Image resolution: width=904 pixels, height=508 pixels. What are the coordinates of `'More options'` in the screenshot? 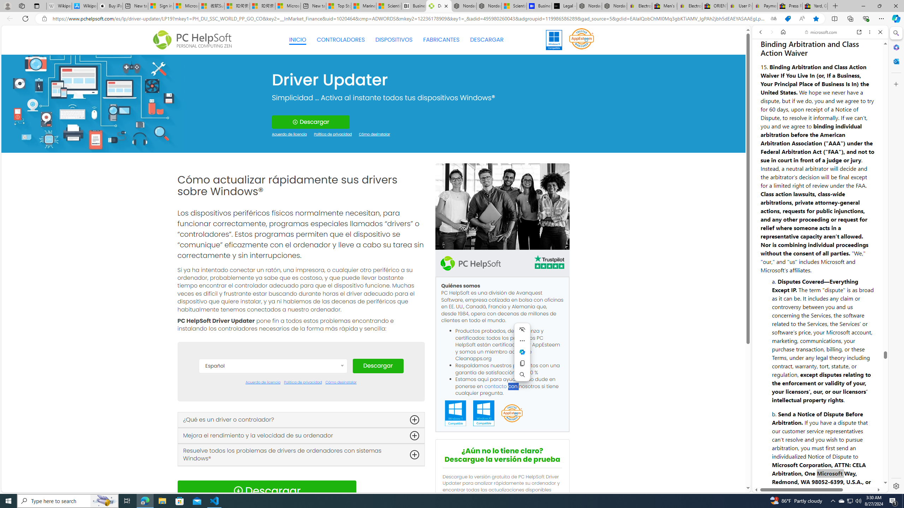 It's located at (870, 31).